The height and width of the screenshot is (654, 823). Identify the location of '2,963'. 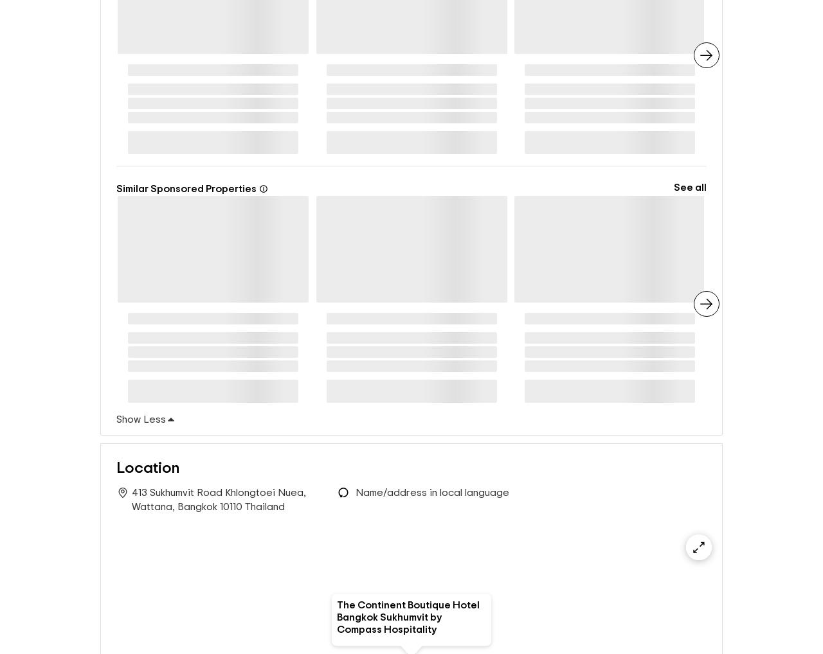
(597, 71).